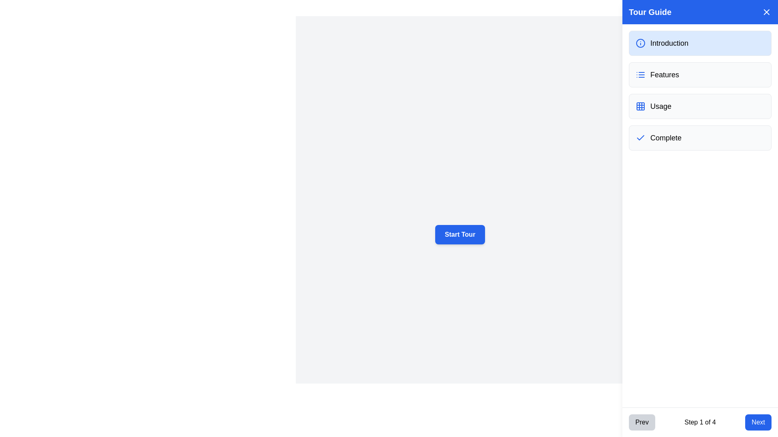 The width and height of the screenshot is (778, 437). I want to click on the 'Features' button located in the sidebar labeled 'Tour Guide', which is the second item in the menu list, so click(700, 75).